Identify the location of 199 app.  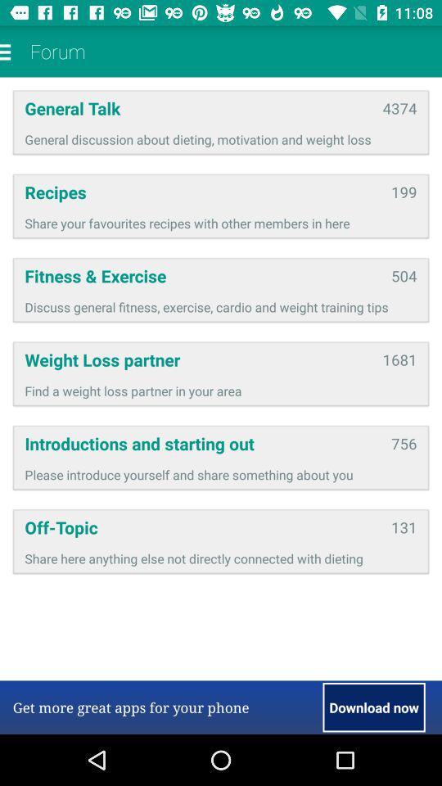
(403, 192).